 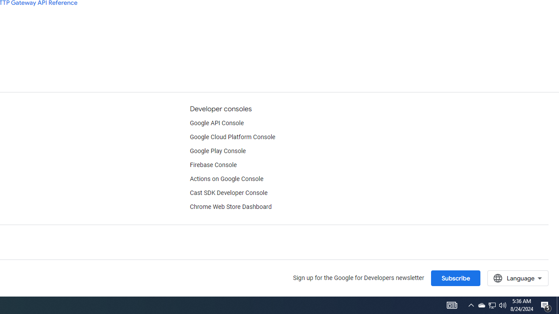 I want to click on 'Subscribe', so click(x=455, y=278).